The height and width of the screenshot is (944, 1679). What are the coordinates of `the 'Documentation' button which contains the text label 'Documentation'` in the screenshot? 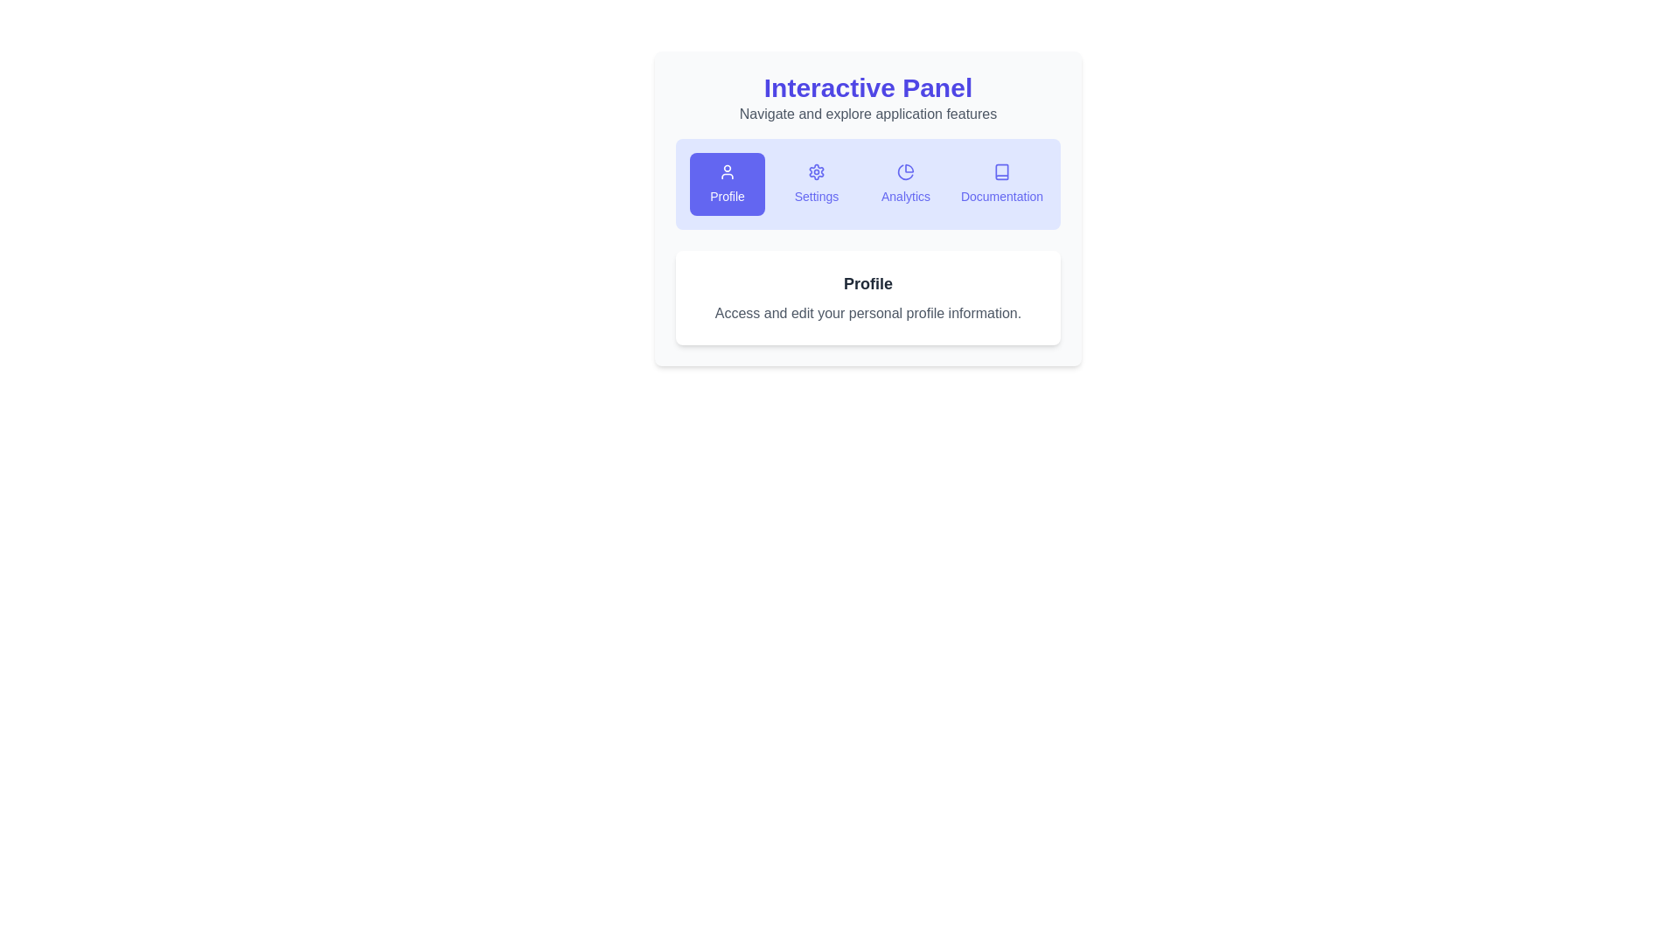 It's located at (1002, 196).